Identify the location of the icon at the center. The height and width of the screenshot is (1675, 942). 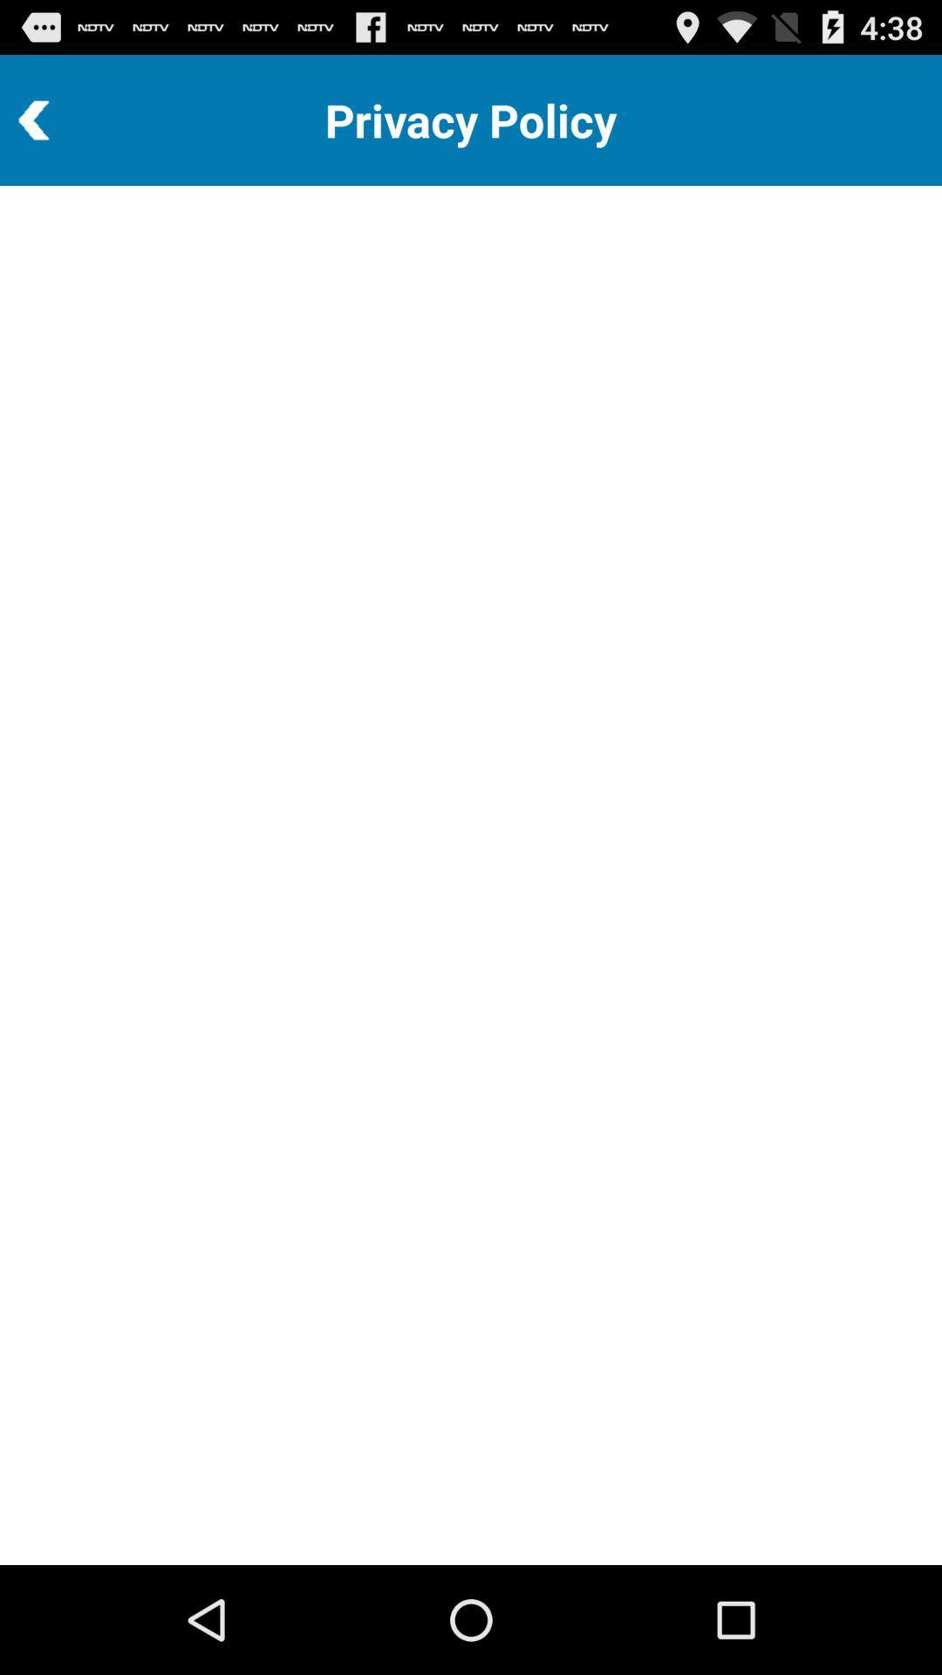
(471, 875).